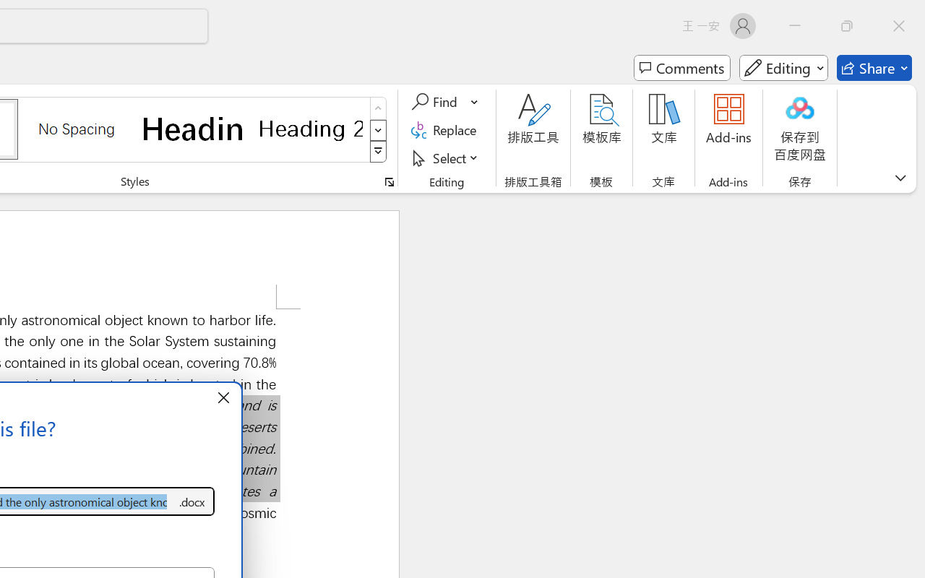 The image size is (925, 578). Describe the element at coordinates (446, 158) in the screenshot. I see `'Select'` at that location.